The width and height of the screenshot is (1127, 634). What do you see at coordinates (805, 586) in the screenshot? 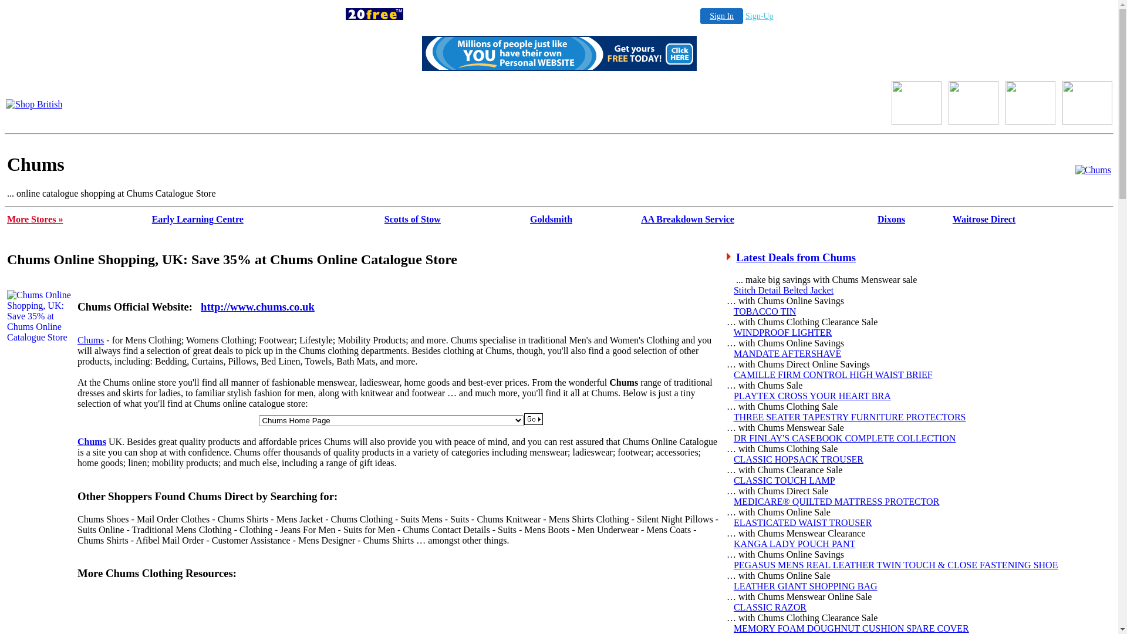
I see `'LEATHER GIANT SHOPPING BAG'` at bounding box center [805, 586].